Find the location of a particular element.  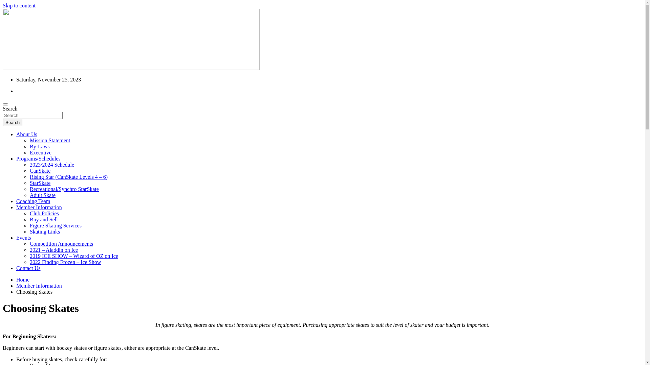

'Recreational/Synchro StarSkate' is located at coordinates (64, 189).